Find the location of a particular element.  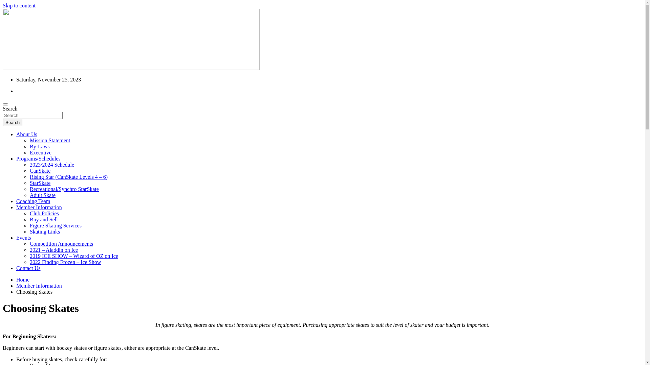

'Recreational/Synchro StarSkate' is located at coordinates (64, 189).